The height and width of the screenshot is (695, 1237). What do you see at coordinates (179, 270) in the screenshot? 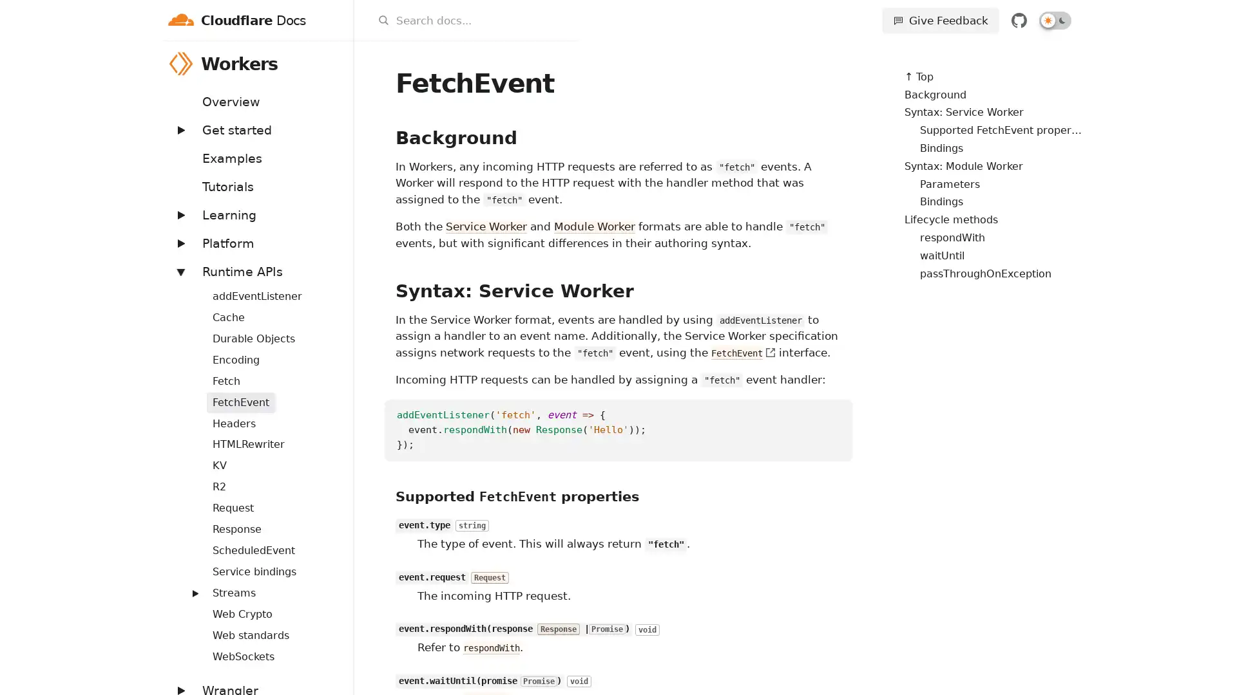
I see `Expand: Runtime APIs` at bounding box center [179, 270].